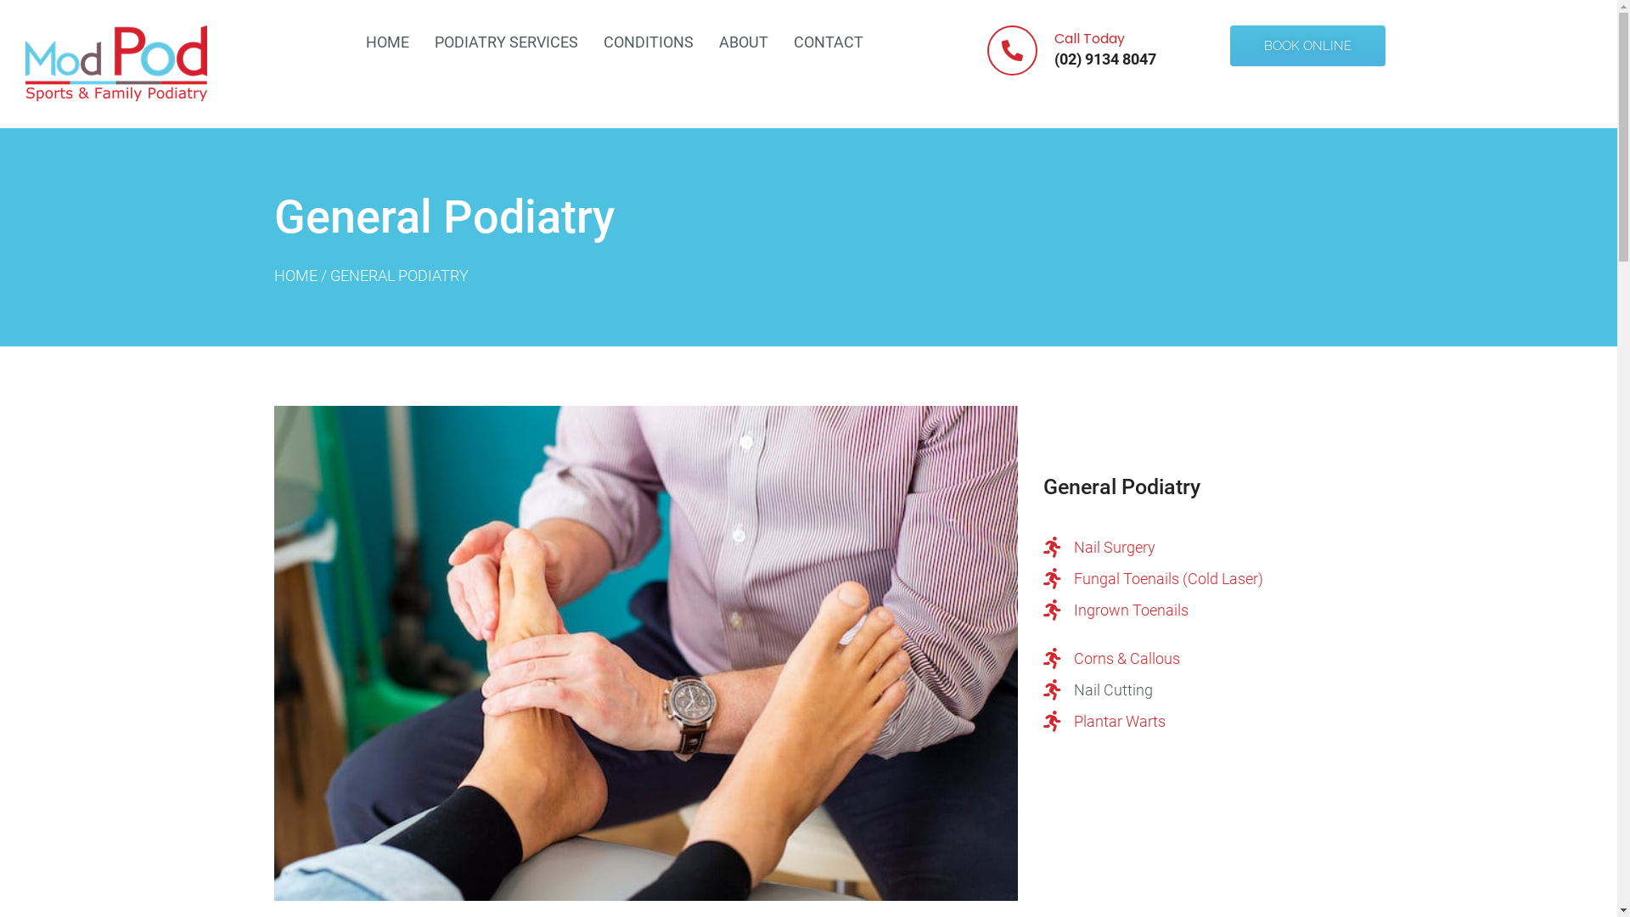  I want to click on 'Fungal Toenails (Cold Laser)', so click(1188, 577).